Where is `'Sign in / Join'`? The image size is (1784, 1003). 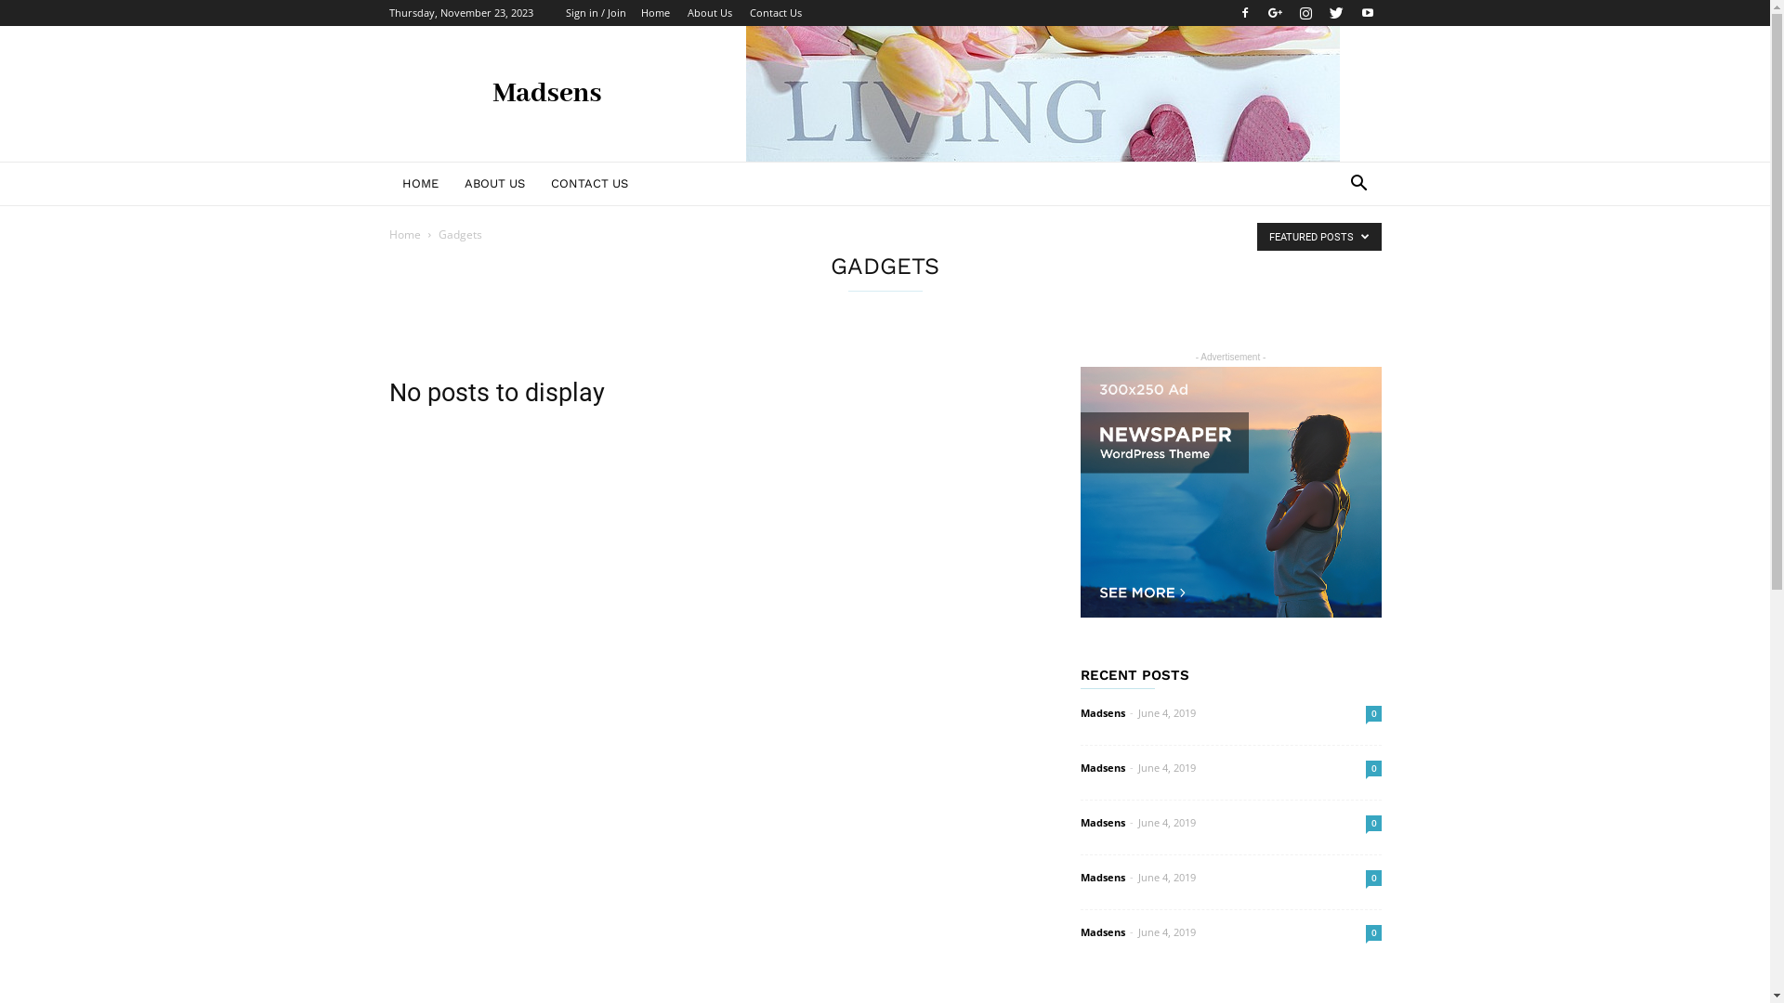 'Sign in / Join' is located at coordinates (595, 12).